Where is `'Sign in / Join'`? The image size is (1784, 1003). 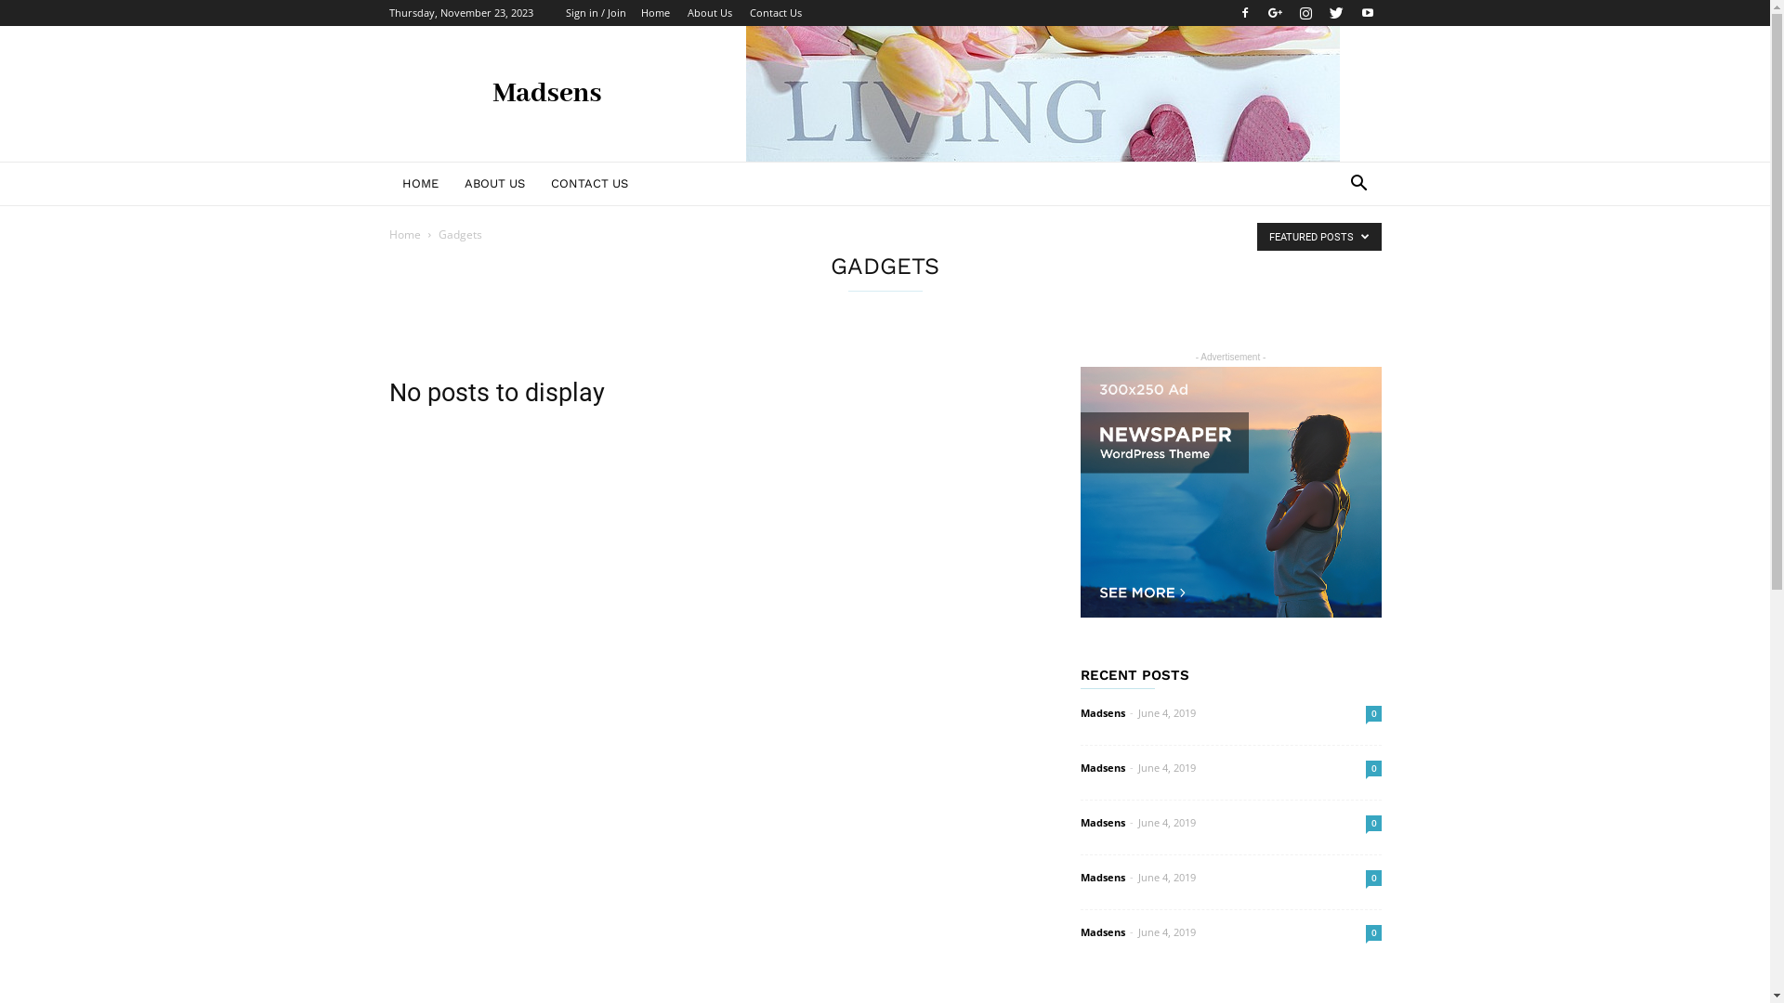 'Sign in / Join' is located at coordinates (595, 12).